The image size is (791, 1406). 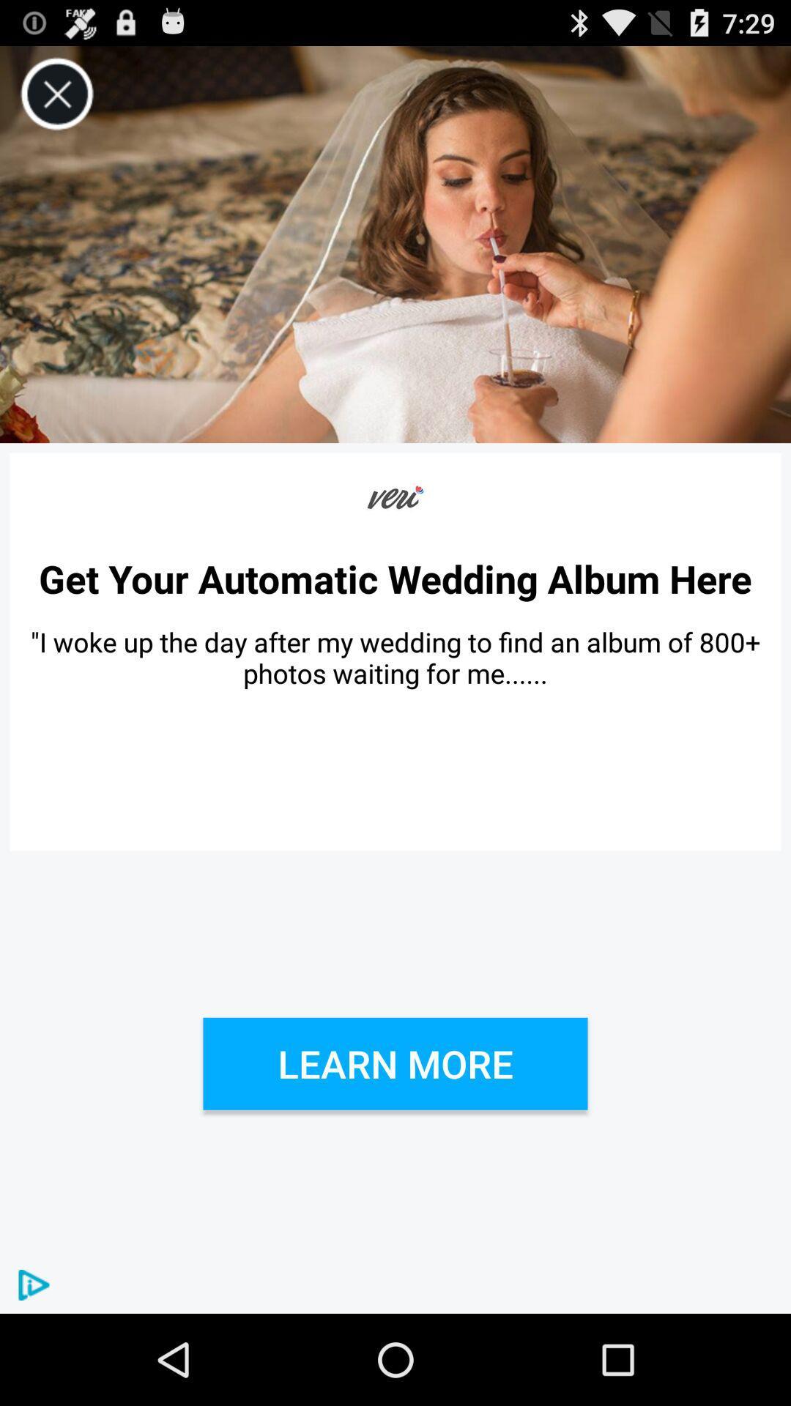 What do you see at coordinates (395, 1063) in the screenshot?
I see `the icon below i woke up` at bounding box center [395, 1063].